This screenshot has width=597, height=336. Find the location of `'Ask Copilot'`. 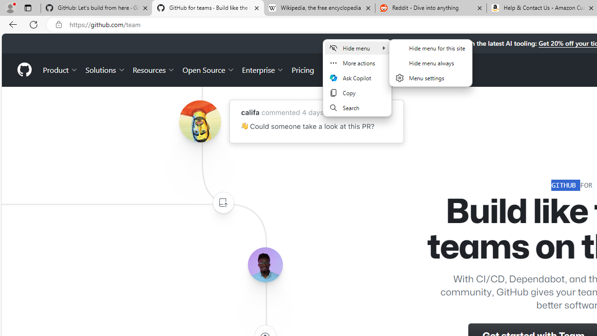

'Ask Copilot' is located at coordinates (356, 77).